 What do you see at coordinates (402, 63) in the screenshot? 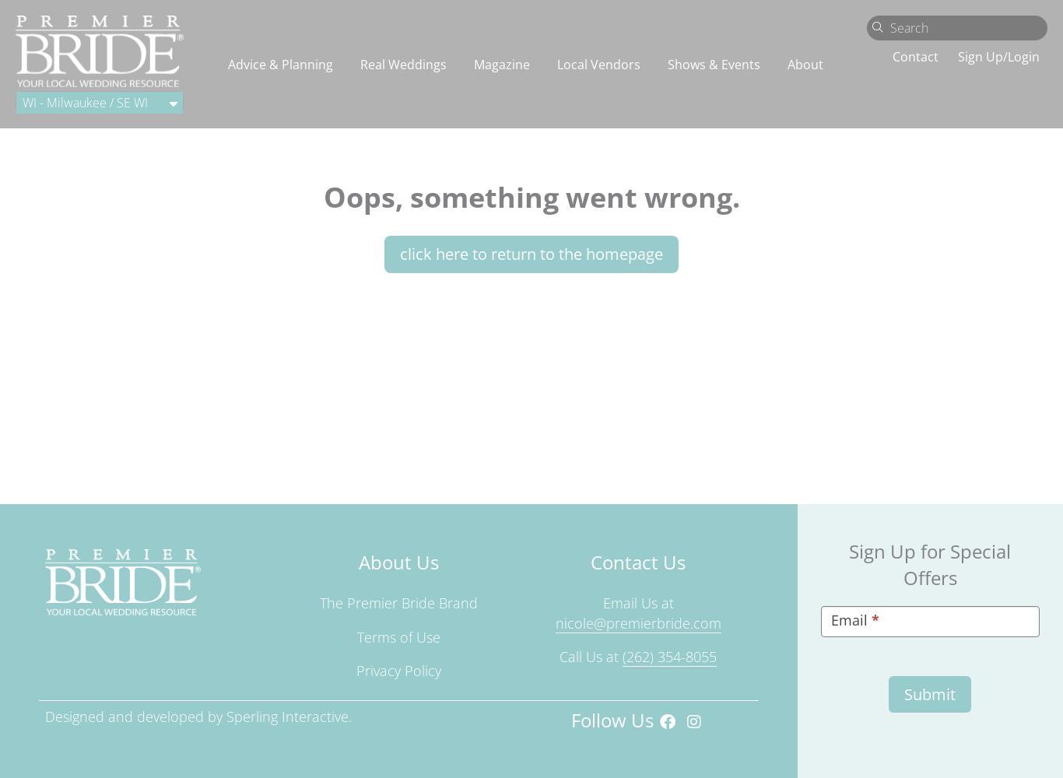
I see `'Real Weddings'` at bounding box center [402, 63].